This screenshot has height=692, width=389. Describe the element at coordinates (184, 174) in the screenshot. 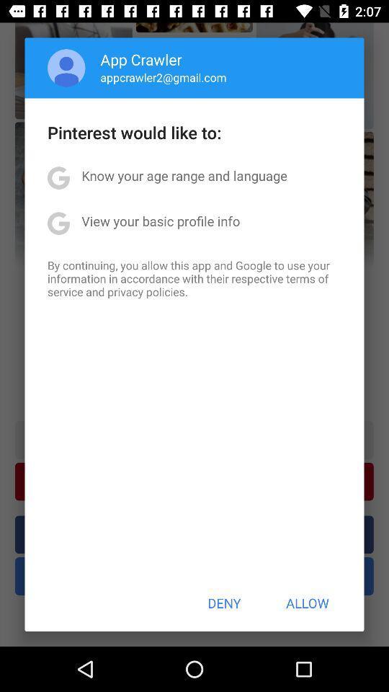

I see `the know your age app` at that location.